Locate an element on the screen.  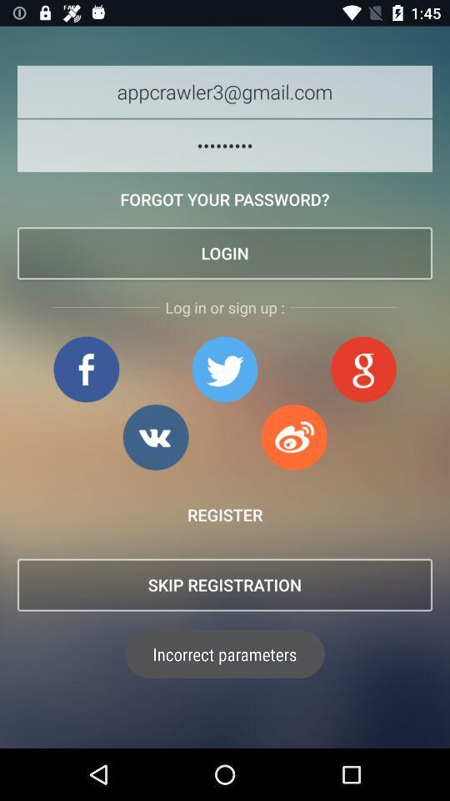
the avatar icon is located at coordinates (362, 369).